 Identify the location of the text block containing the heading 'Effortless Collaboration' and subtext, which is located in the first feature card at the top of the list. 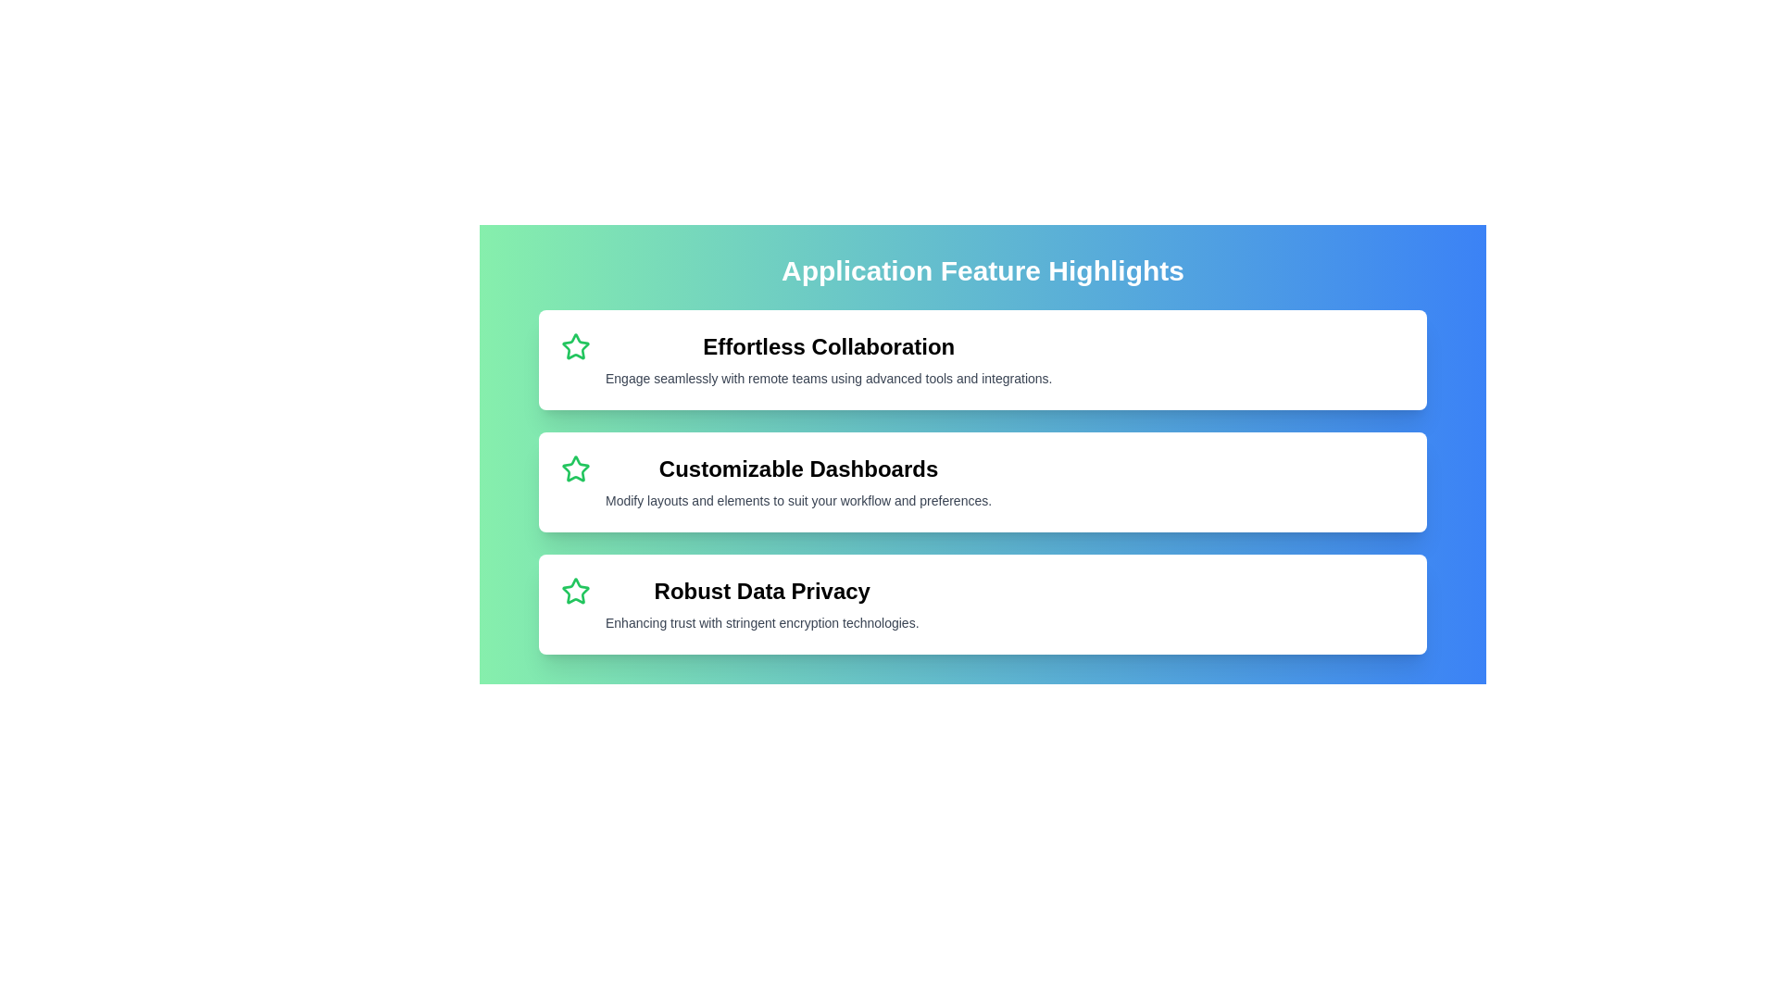
(828, 360).